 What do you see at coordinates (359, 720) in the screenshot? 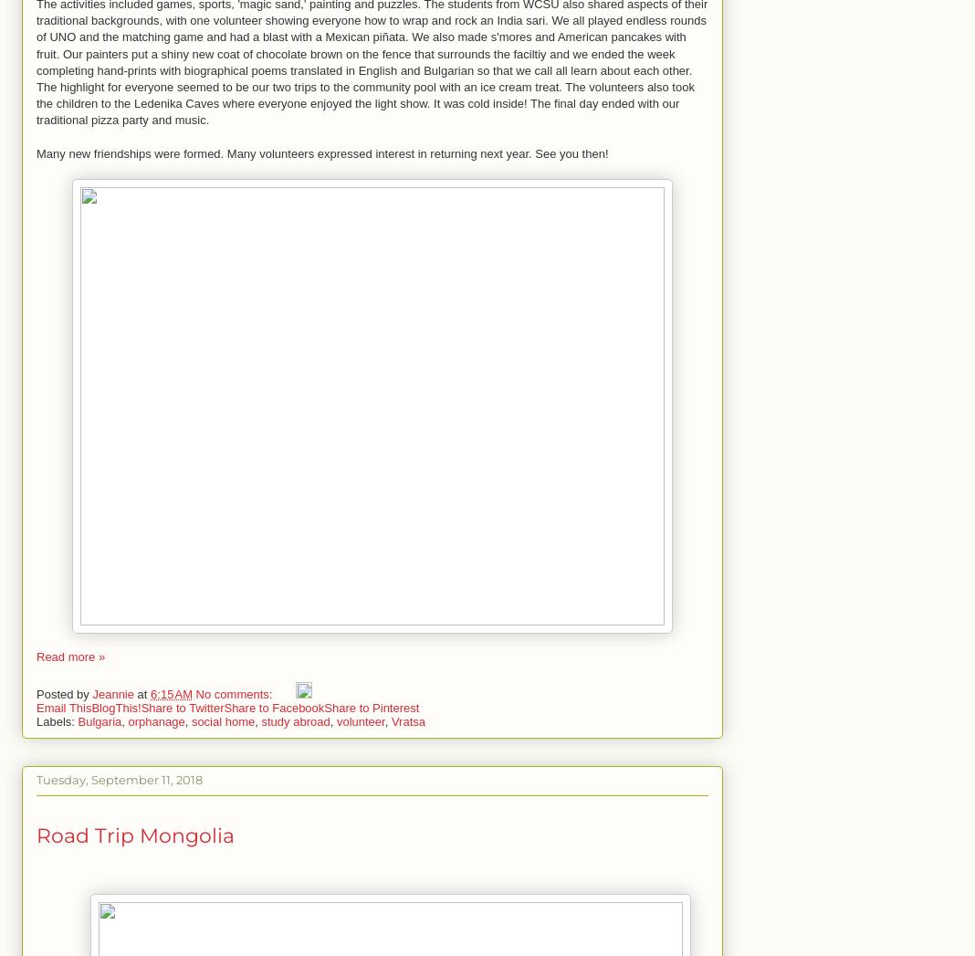
I see `'volunteer'` at bounding box center [359, 720].